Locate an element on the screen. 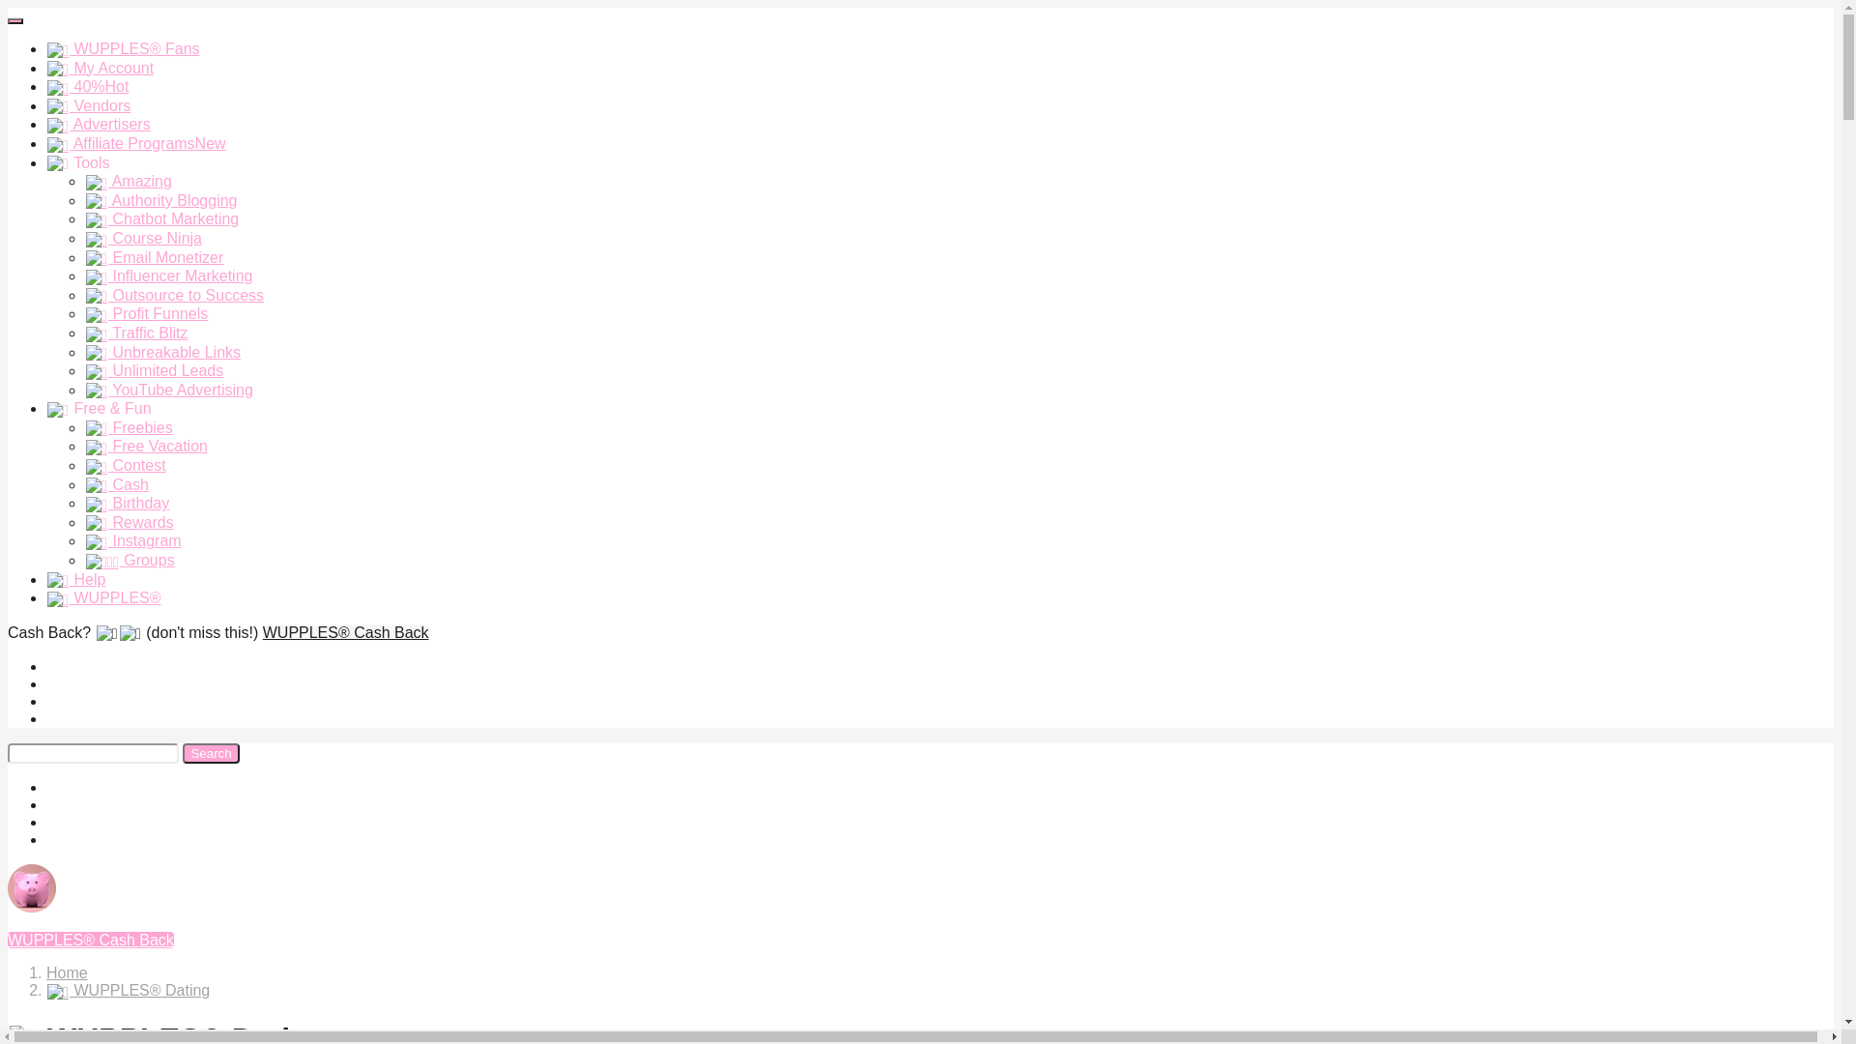 The image size is (1856, 1044). 'Unbreakable Links' is located at coordinates (162, 352).